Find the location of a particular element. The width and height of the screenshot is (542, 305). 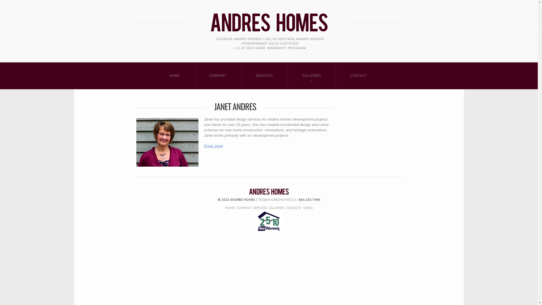

'MEDIA' is located at coordinates (307, 208).